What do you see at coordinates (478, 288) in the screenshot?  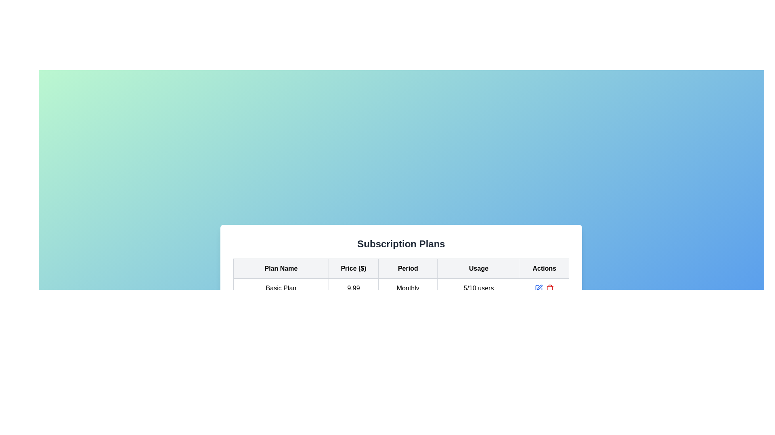 I see `the text label '5/10 users' located in the fourth column of the 'Basic Plan' table row, which has a gray border and is styled for readability against a white background` at bounding box center [478, 288].